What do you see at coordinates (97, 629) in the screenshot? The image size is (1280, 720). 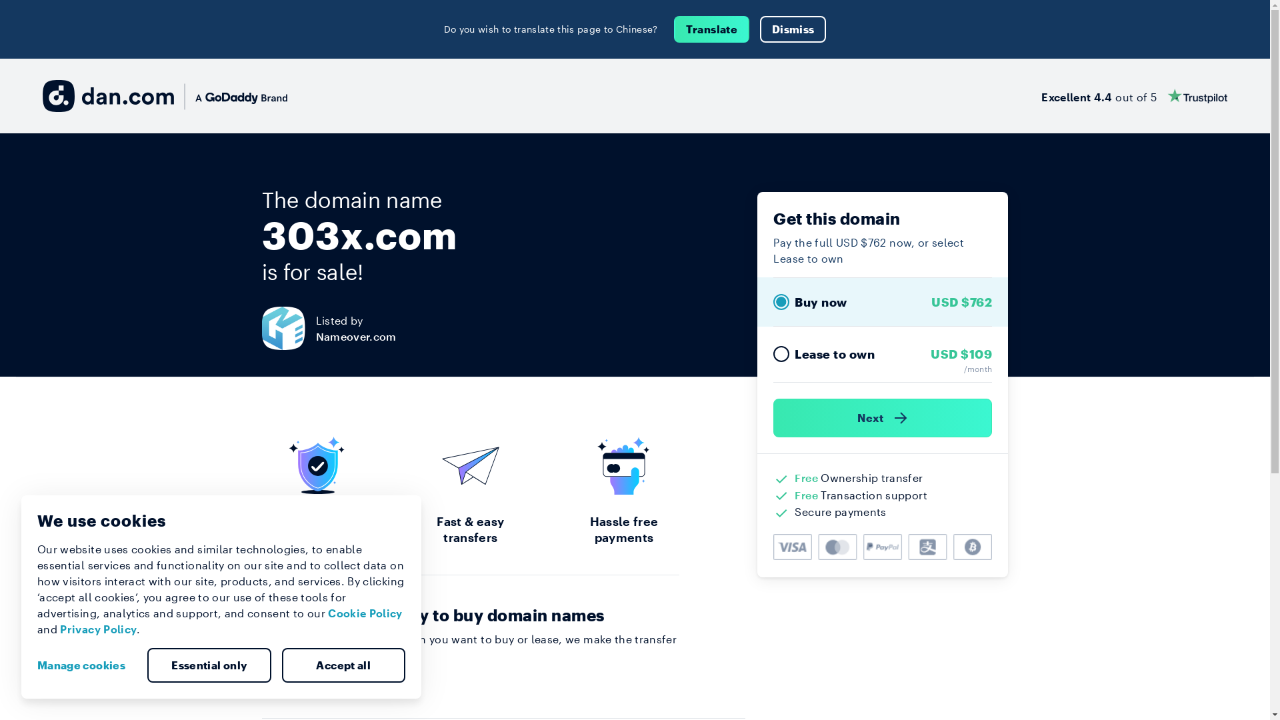 I see `'Privacy Policy'` at bounding box center [97, 629].